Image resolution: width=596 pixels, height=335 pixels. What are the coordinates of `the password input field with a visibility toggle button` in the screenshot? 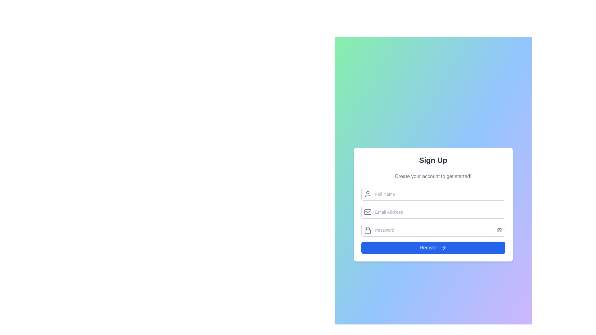 It's located at (433, 230).